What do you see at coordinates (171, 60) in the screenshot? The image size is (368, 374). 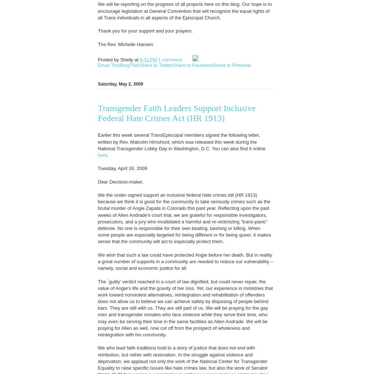 I see `'1 comment:'` at bounding box center [171, 60].